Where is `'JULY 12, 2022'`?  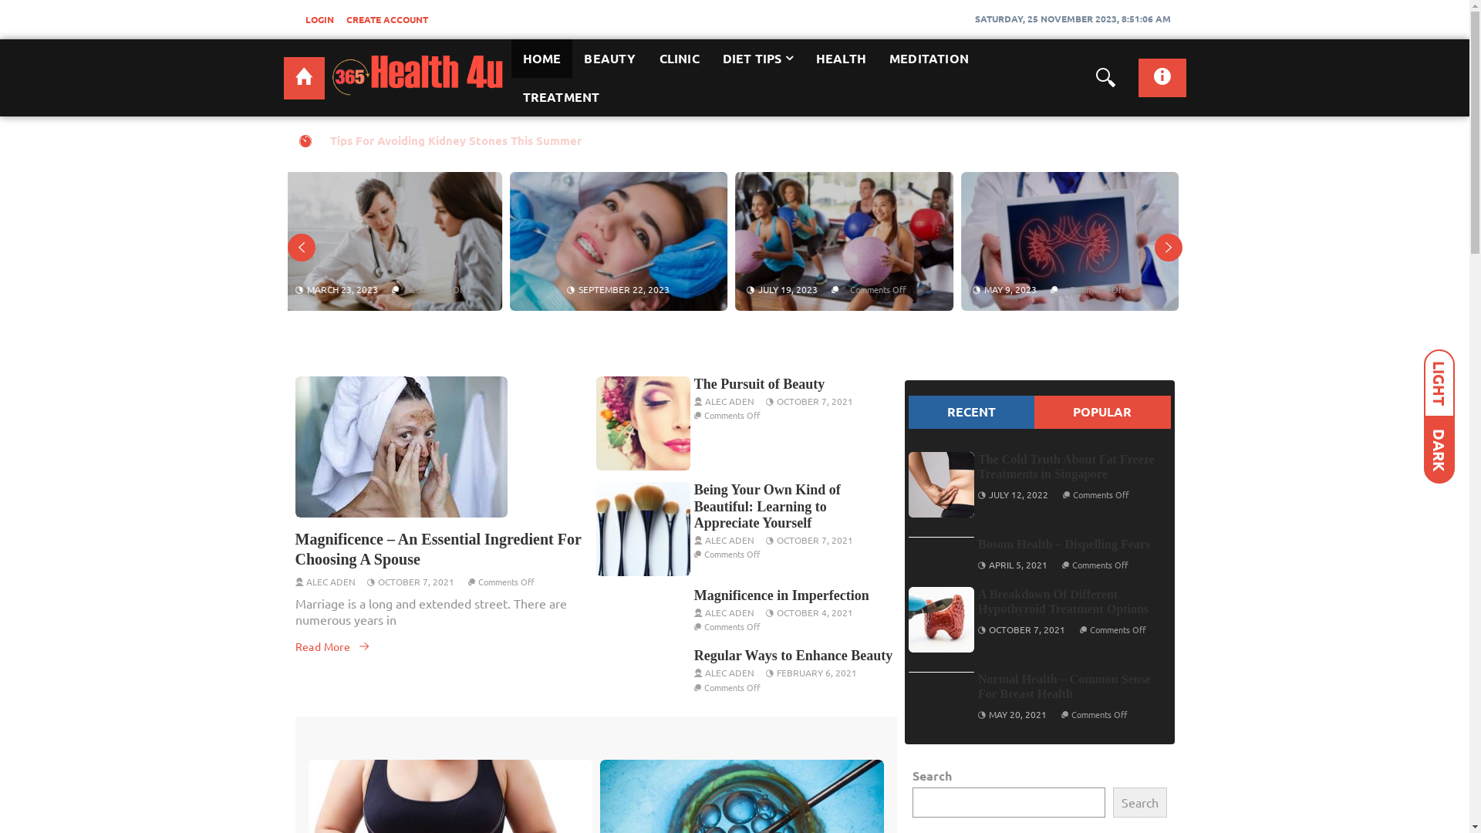
'JULY 12, 2022' is located at coordinates (1018, 494).